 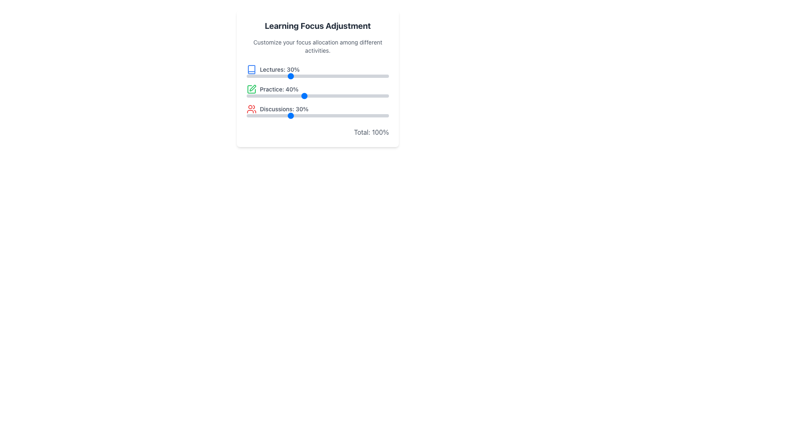 I want to click on the track of the Range Slider located beneath the 'Discussions: 30%' label to set a value, so click(x=317, y=116).